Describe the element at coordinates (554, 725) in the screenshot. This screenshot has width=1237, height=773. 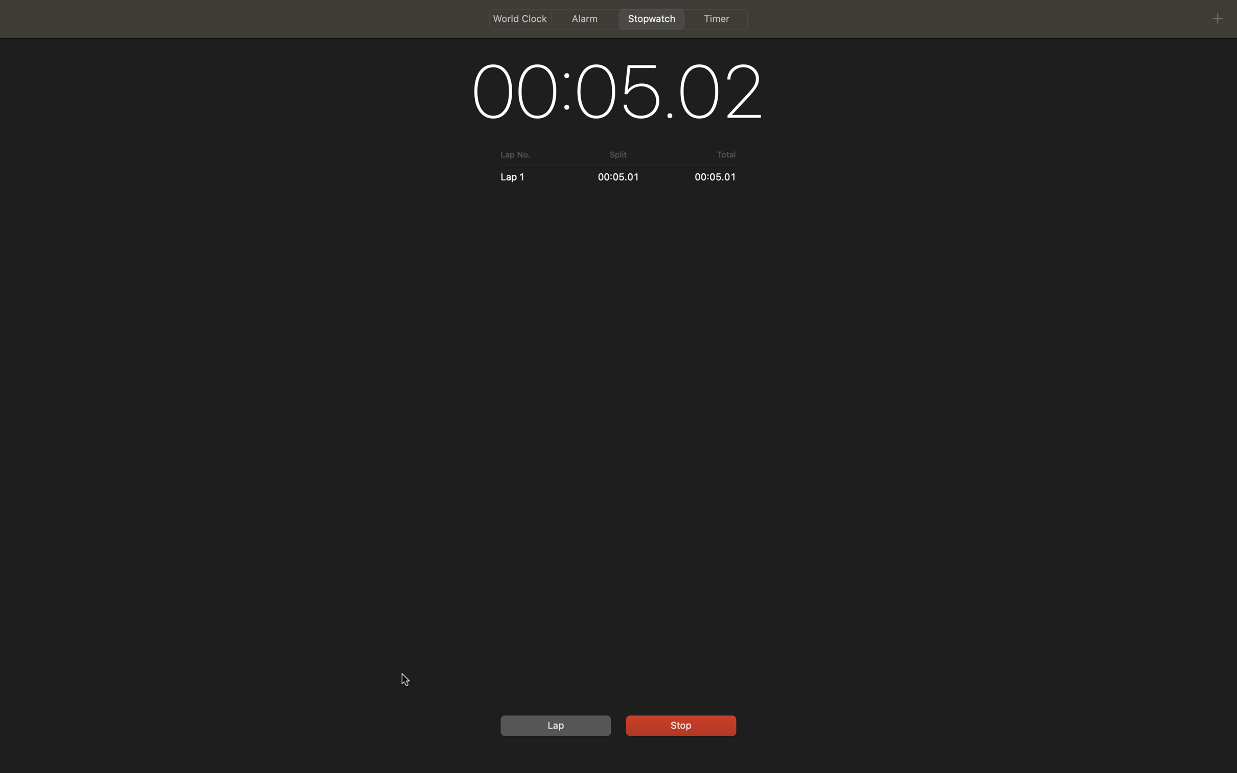
I see `Reset the timer and set in motion` at that location.